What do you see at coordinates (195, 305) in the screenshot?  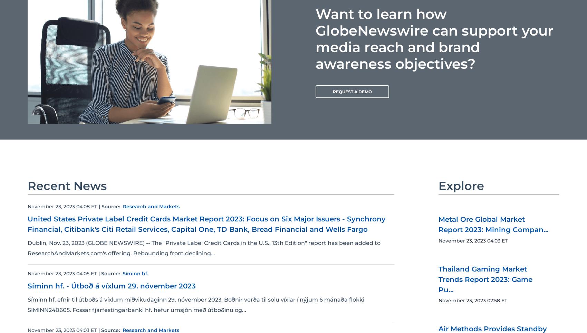 I see `'Síminn hf. efnir til útboðs á víxlum miðvikudaginn 29. nóvember 2023. Boðnir verða til sölu víxlar í nýjum 6 mánaða flokki SIMINN240605.      Fossar fjárfestingarbanki hf. hefur umsjón með útboðinu og...'` at bounding box center [195, 305].